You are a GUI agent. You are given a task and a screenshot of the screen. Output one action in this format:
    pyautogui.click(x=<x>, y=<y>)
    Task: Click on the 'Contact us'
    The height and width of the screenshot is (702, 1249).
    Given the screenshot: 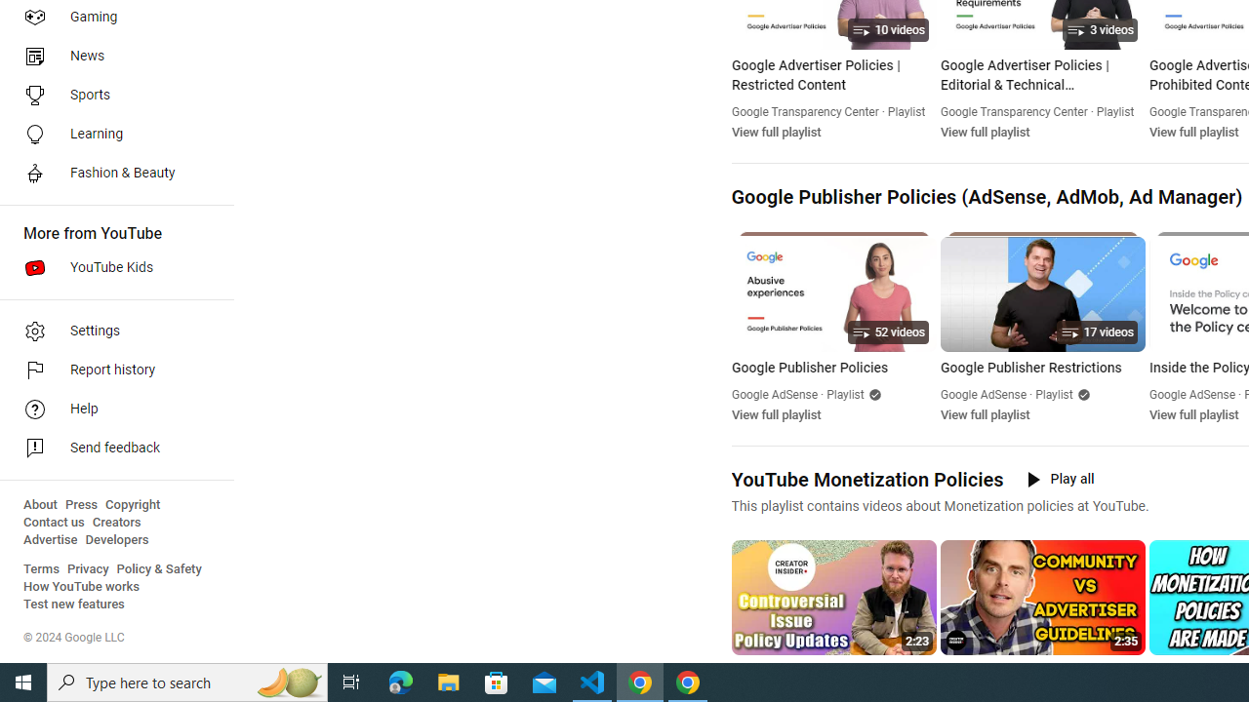 What is the action you would take?
    pyautogui.click(x=54, y=522)
    